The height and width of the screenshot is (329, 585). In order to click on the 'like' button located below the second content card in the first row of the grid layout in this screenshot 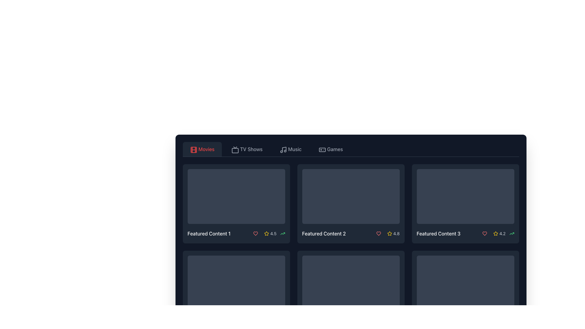, I will do `click(378, 233)`.